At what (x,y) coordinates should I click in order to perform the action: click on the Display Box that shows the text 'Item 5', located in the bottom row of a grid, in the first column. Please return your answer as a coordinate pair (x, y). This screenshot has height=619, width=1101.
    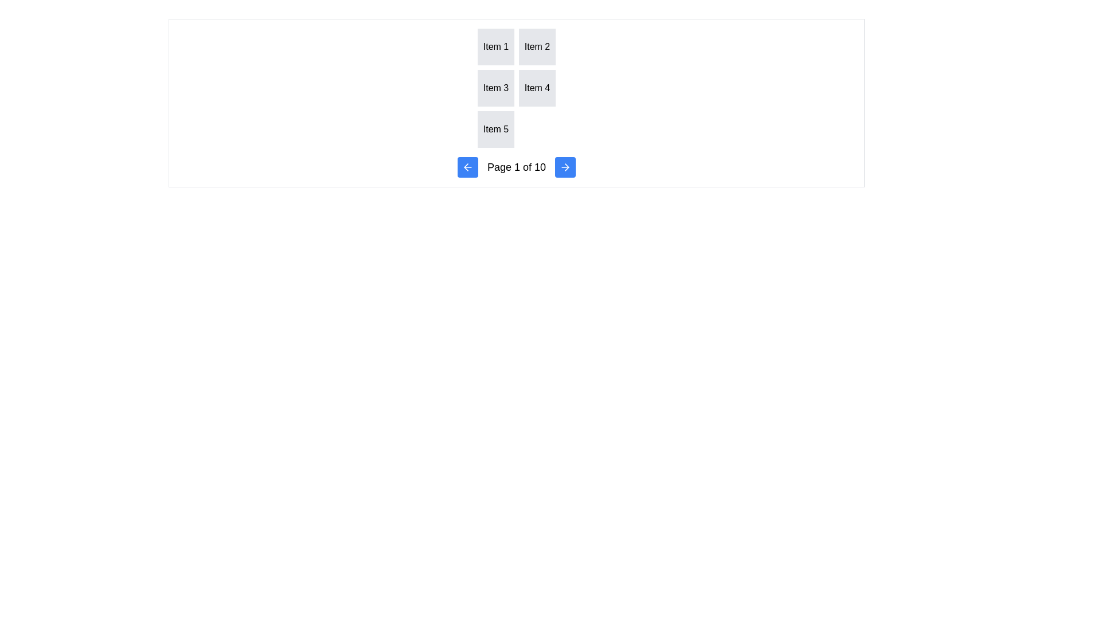
    Looking at the image, I should click on (495, 129).